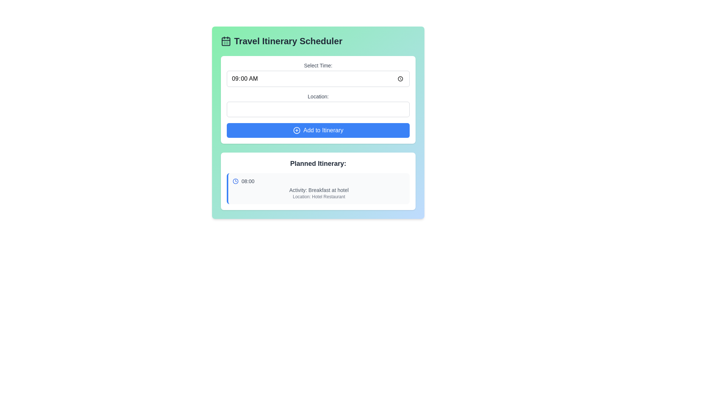  What do you see at coordinates (318, 96) in the screenshot?
I see `the 'Location:' label, which is a medium-sized gray text label positioned above the input field in the 'Travel Itinerary Scheduler' interface` at bounding box center [318, 96].